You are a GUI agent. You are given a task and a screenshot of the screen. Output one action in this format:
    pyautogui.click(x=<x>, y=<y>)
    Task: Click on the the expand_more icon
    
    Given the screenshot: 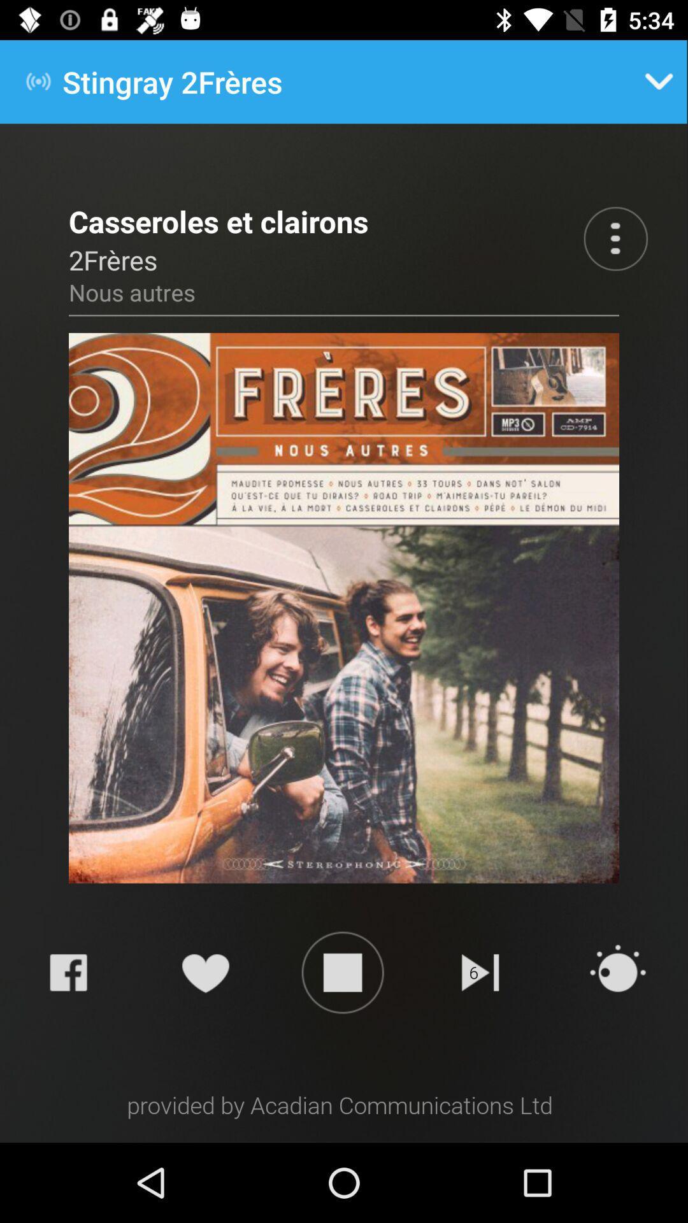 What is the action you would take?
    pyautogui.click(x=659, y=81)
    